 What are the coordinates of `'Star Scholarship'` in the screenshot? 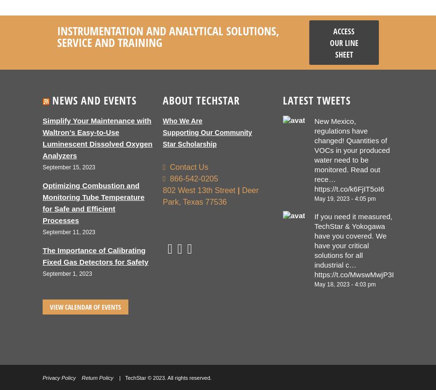 It's located at (189, 144).